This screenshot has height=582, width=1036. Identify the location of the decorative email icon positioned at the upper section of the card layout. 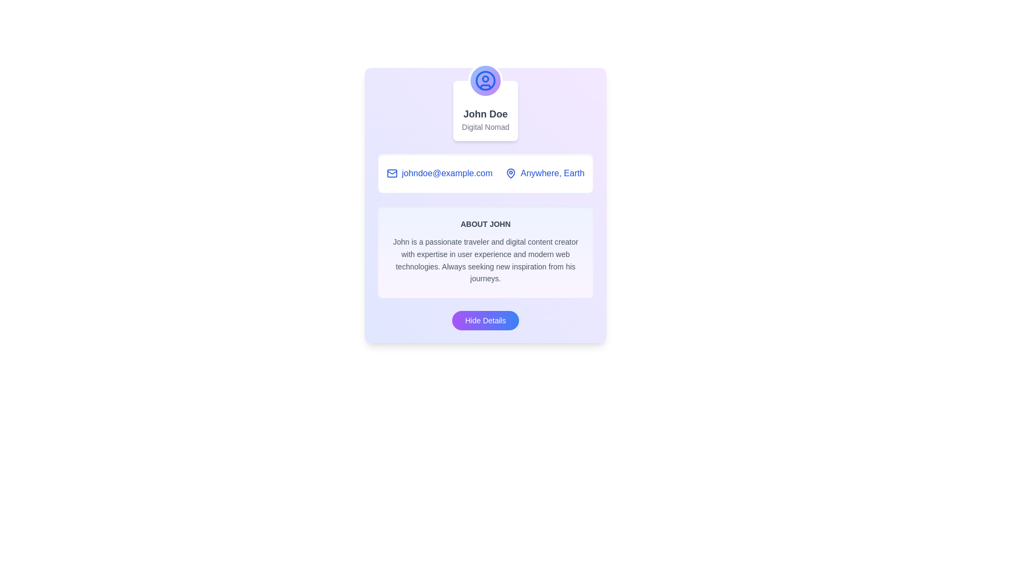
(391, 172).